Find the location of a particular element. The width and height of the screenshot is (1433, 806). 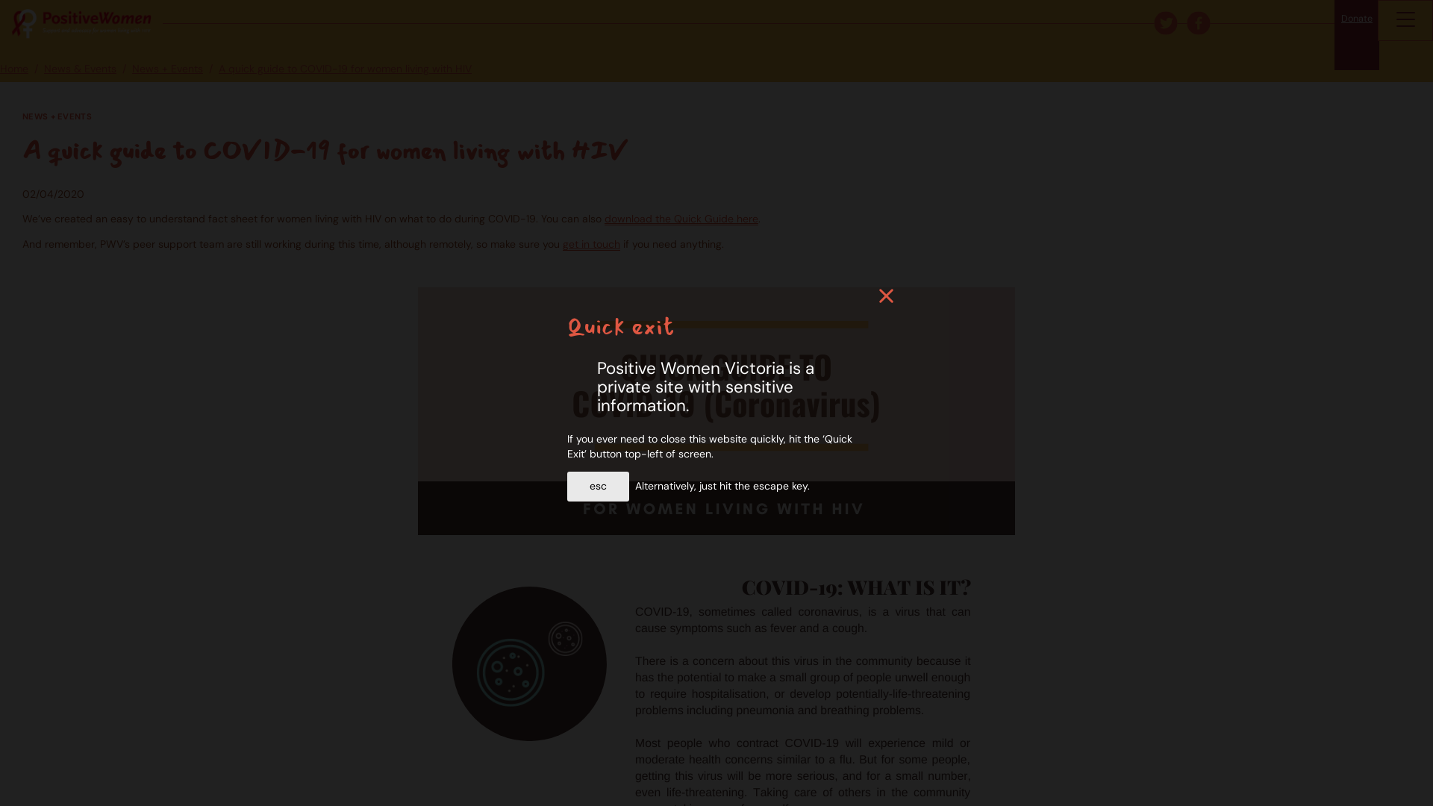

'get in touch' is located at coordinates (561, 243).